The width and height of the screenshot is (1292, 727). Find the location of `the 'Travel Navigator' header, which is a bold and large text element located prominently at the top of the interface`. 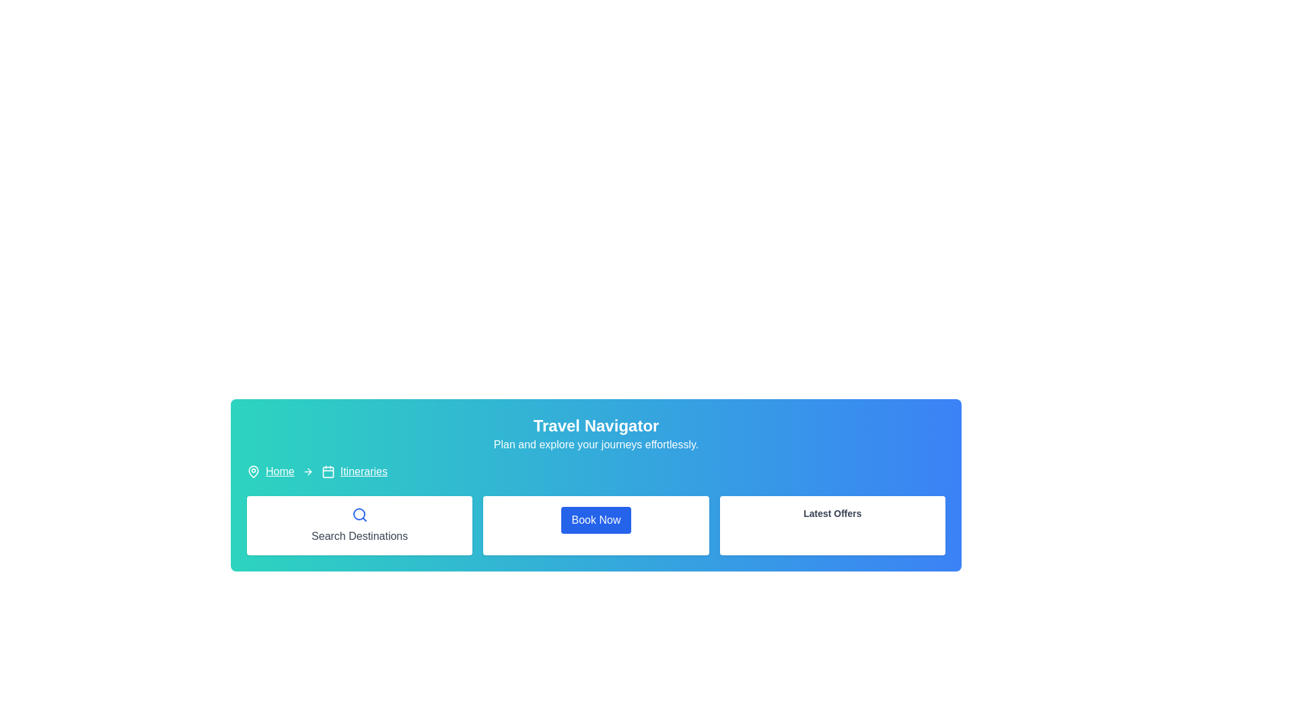

the 'Travel Navigator' header, which is a bold and large text element located prominently at the top of the interface is located at coordinates (596, 425).